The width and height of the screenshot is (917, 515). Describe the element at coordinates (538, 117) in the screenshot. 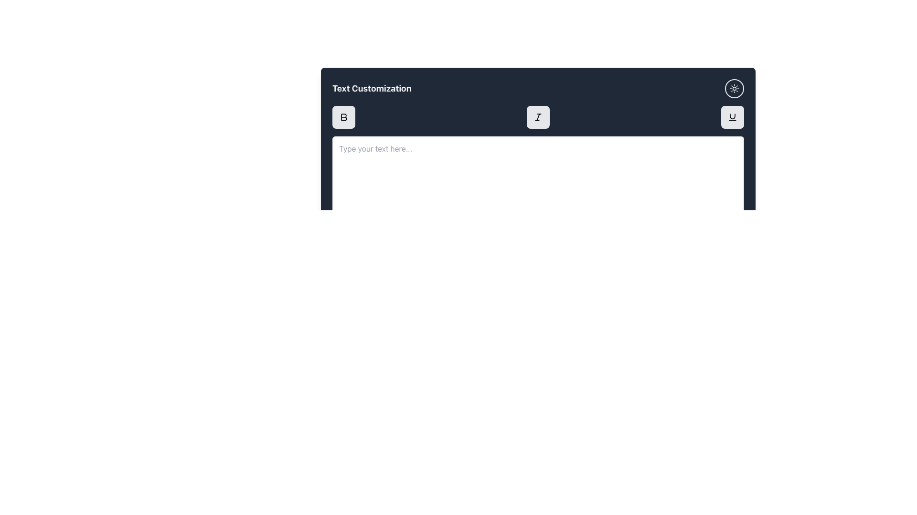

I see `the second button in the row for text customization` at that location.